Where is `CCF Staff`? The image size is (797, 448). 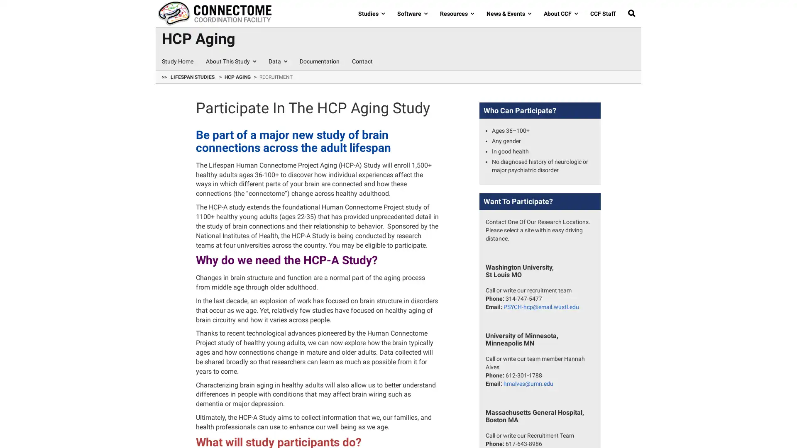 CCF Staff is located at coordinates (603, 16).